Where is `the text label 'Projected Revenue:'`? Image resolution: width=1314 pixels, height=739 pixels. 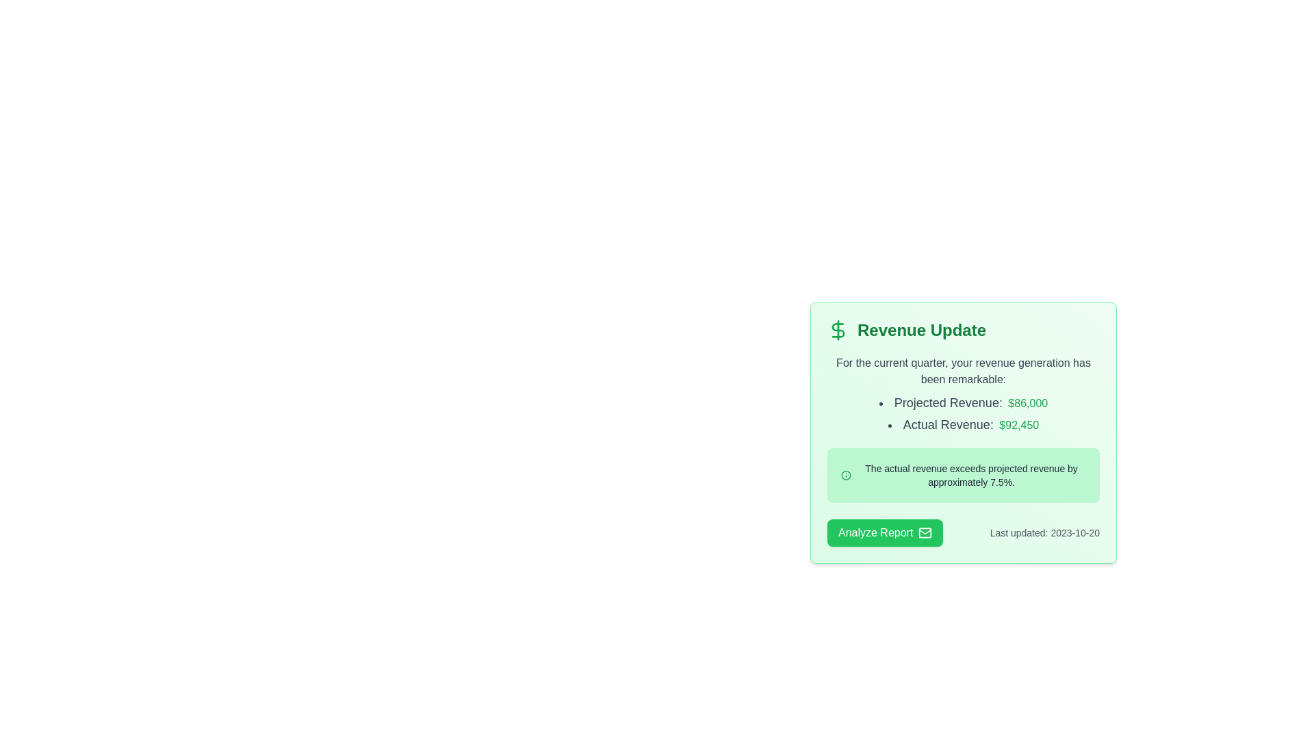
the text label 'Projected Revenue:' is located at coordinates (947, 402).